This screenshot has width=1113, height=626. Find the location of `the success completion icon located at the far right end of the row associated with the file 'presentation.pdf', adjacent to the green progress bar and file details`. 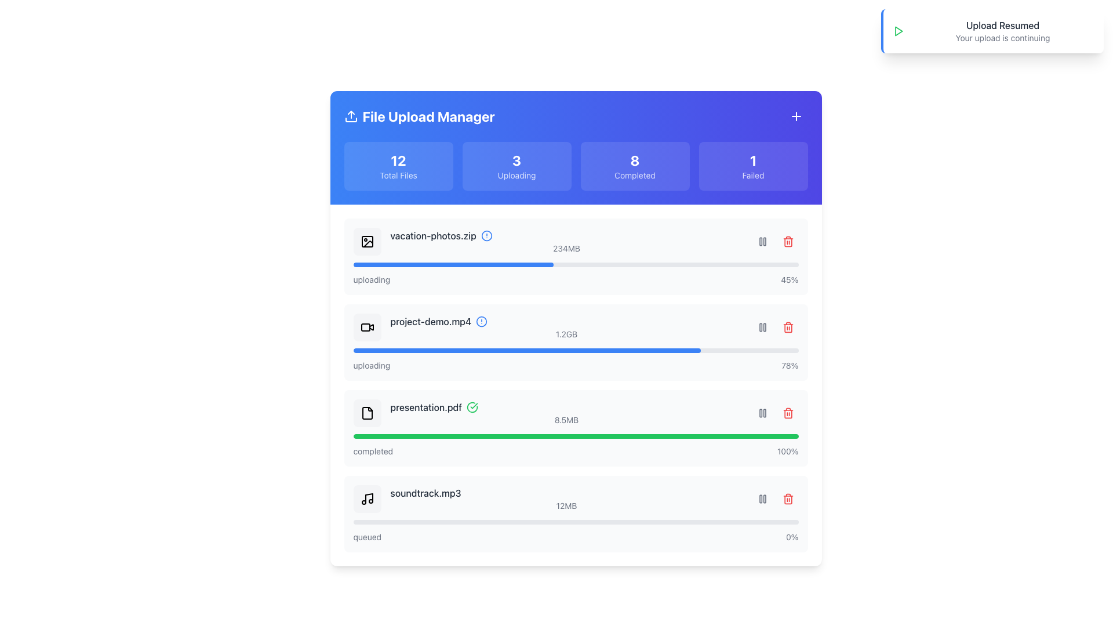

the success completion icon located at the far right end of the row associated with the file 'presentation.pdf', adjacent to the green progress bar and file details is located at coordinates (472, 406).